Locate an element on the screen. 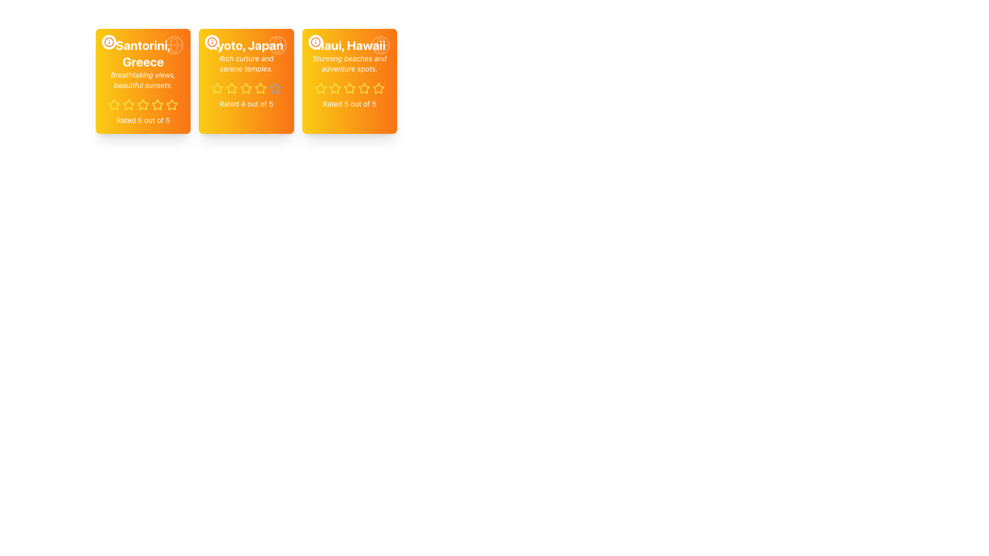 The width and height of the screenshot is (989, 556). on the title text 'Kyoto, Japan' located at the top-center of the second card is located at coordinates (246, 45).